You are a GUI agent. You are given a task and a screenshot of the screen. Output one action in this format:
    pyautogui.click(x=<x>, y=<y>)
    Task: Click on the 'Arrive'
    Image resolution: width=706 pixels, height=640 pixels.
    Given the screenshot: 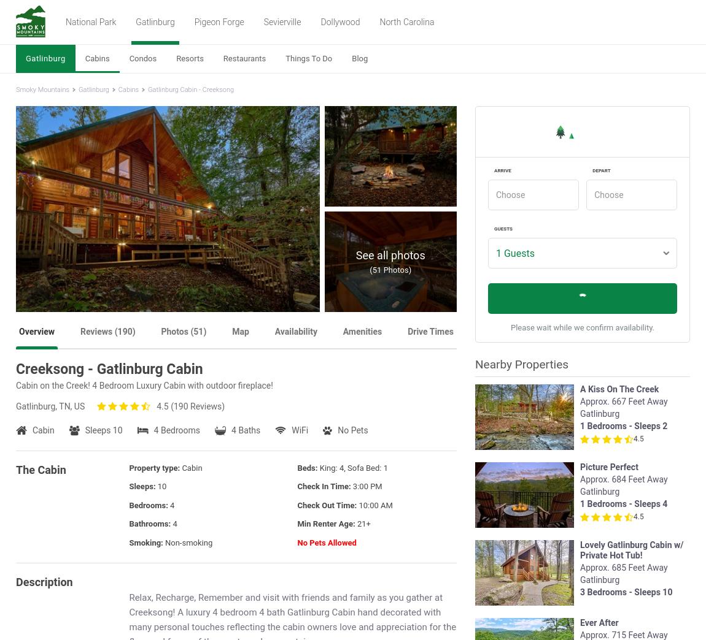 What is the action you would take?
    pyautogui.click(x=494, y=170)
    